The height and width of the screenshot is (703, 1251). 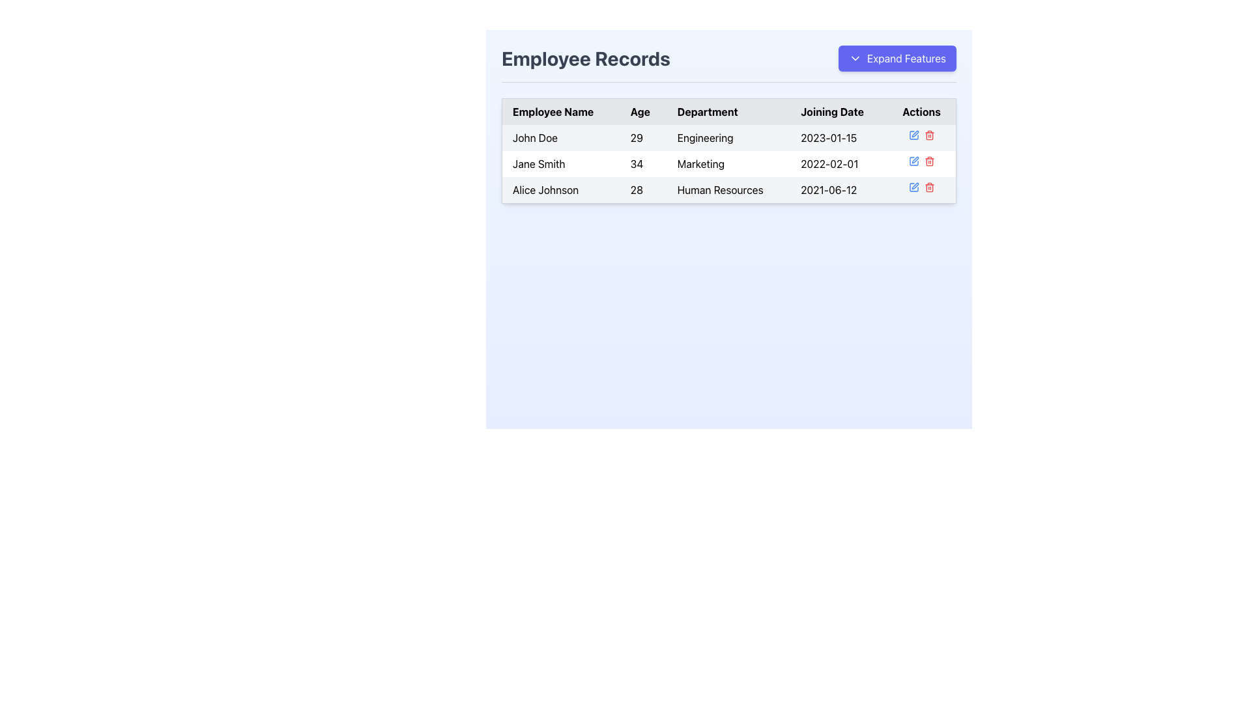 I want to click on attributes of the Static Text indicating the section related to employee records, located in the top header to the left of the 'Expand Features' button, so click(x=585, y=57).